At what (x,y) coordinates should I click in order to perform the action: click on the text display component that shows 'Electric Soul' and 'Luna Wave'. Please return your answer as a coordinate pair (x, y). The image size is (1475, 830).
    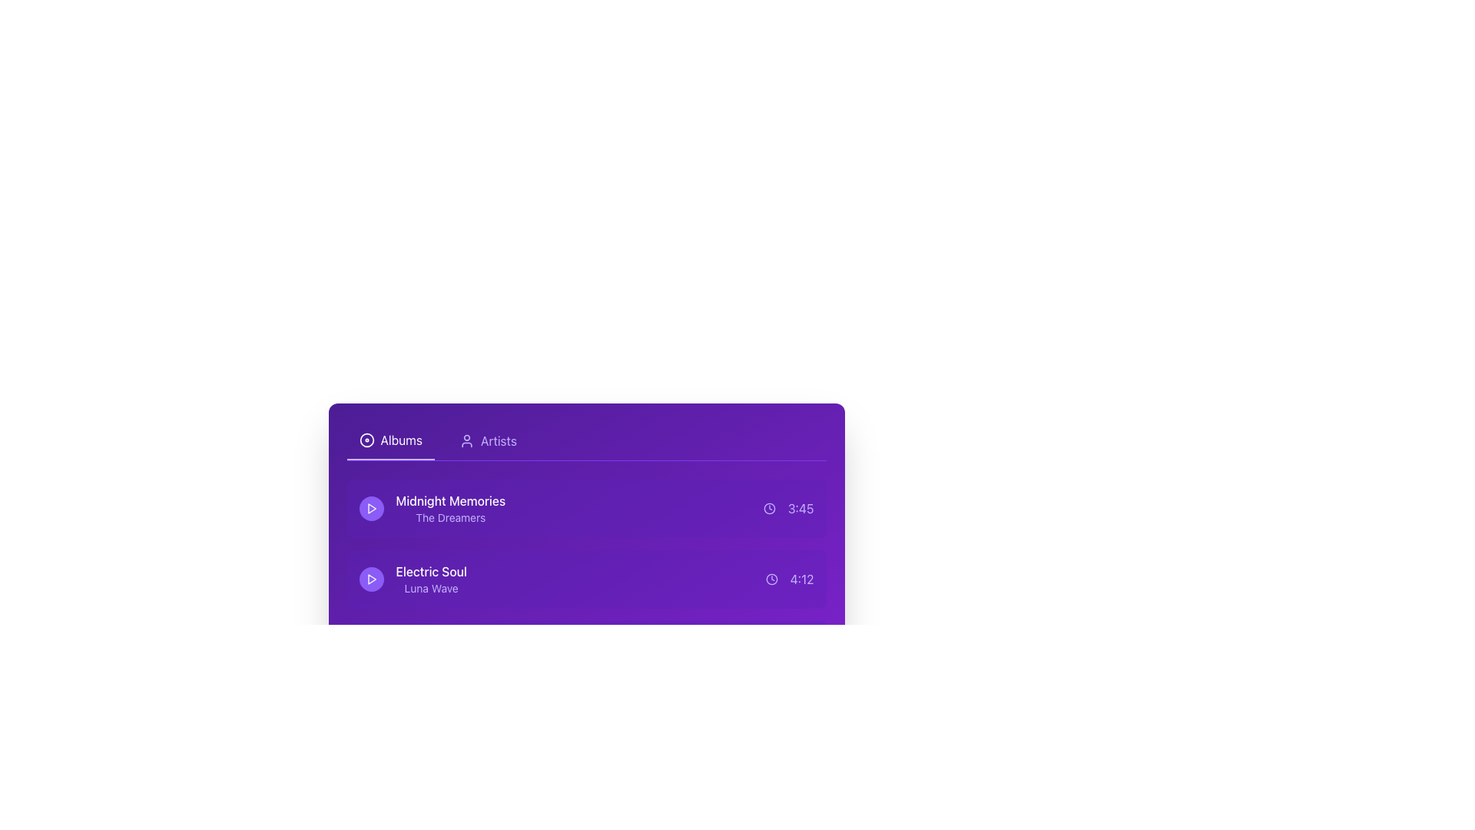
    Looking at the image, I should click on (430, 579).